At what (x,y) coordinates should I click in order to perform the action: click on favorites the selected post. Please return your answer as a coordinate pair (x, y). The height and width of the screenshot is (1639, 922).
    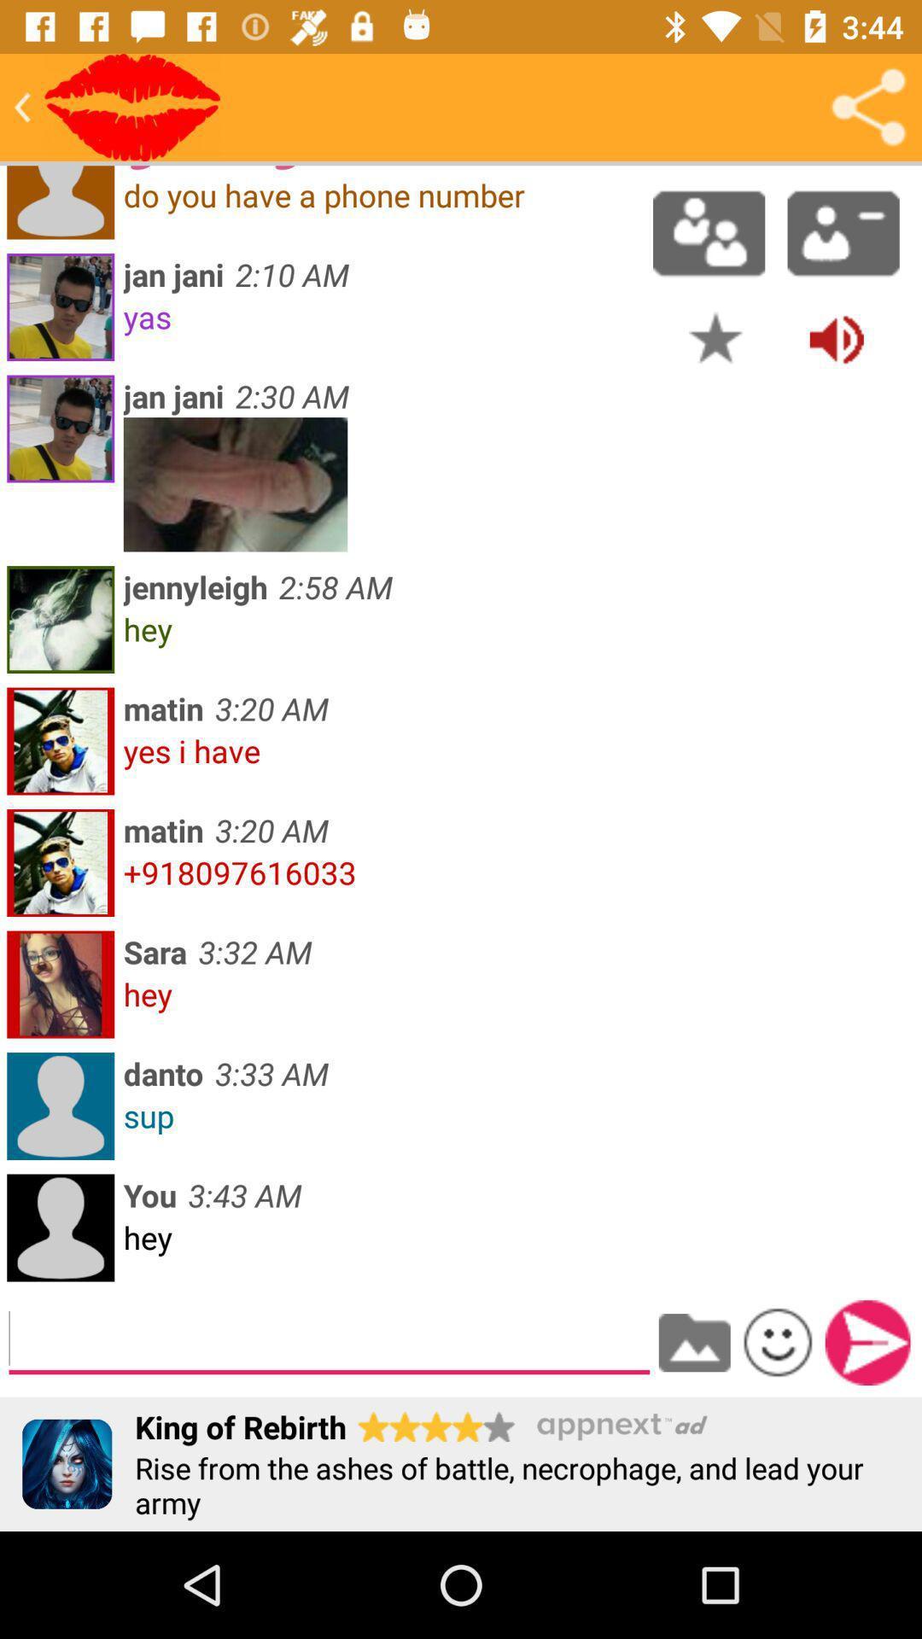
    Looking at the image, I should click on (715, 338).